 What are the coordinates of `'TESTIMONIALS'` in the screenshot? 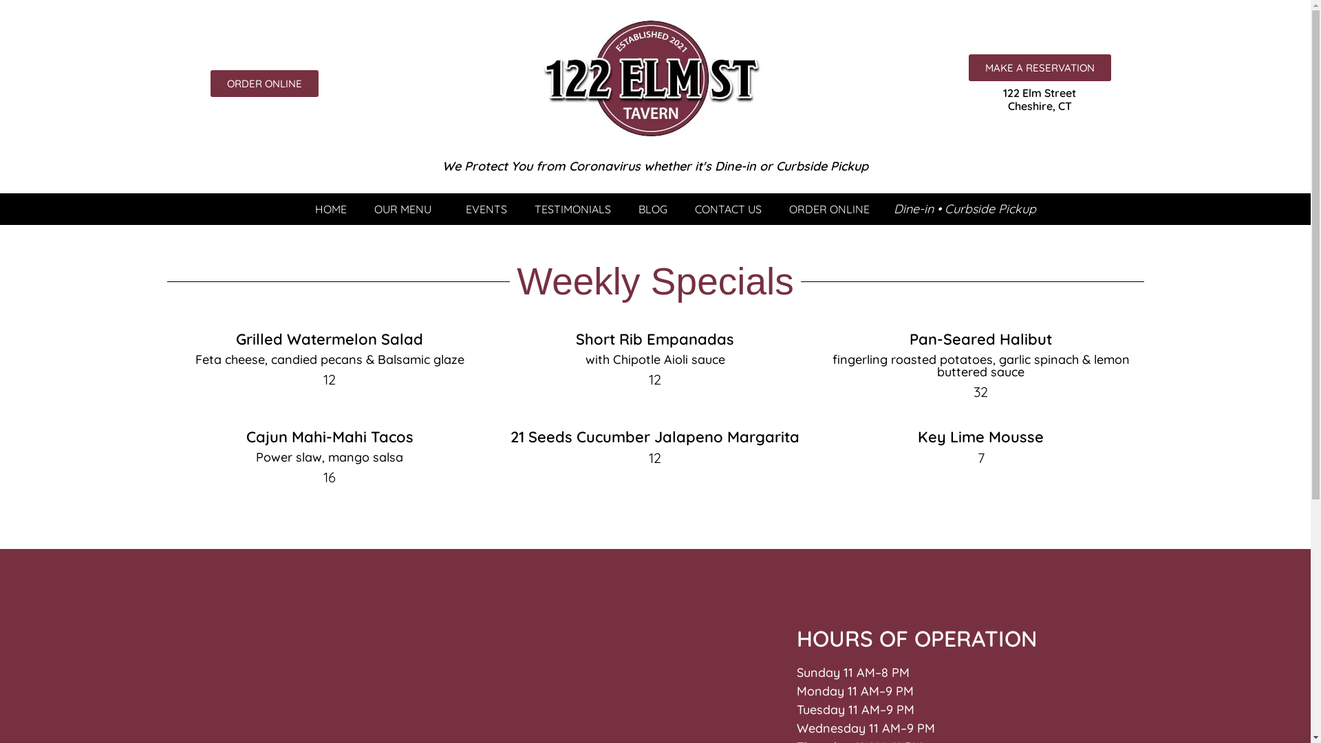 It's located at (520, 209).